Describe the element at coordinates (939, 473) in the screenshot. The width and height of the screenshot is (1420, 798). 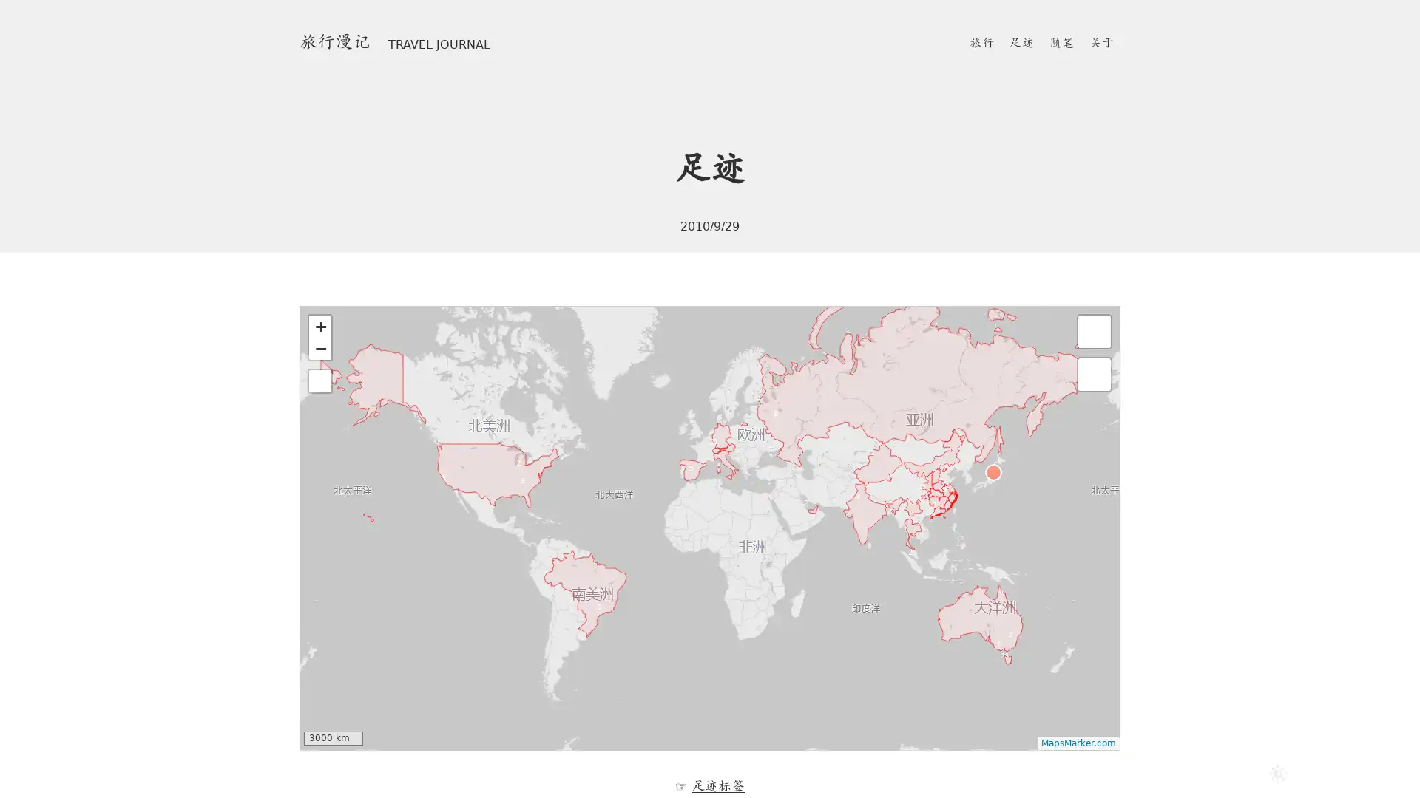
I see `9` at that location.